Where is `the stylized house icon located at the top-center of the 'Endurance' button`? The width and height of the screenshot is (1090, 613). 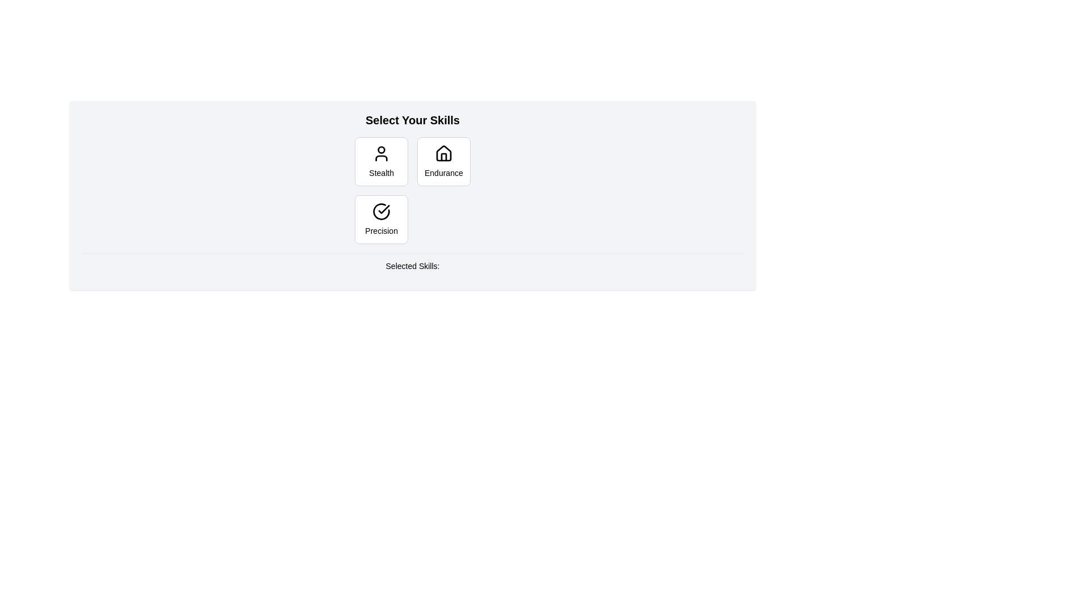
the stylized house icon located at the top-center of the 'Endurance' button is located at coordinates (443, 153).